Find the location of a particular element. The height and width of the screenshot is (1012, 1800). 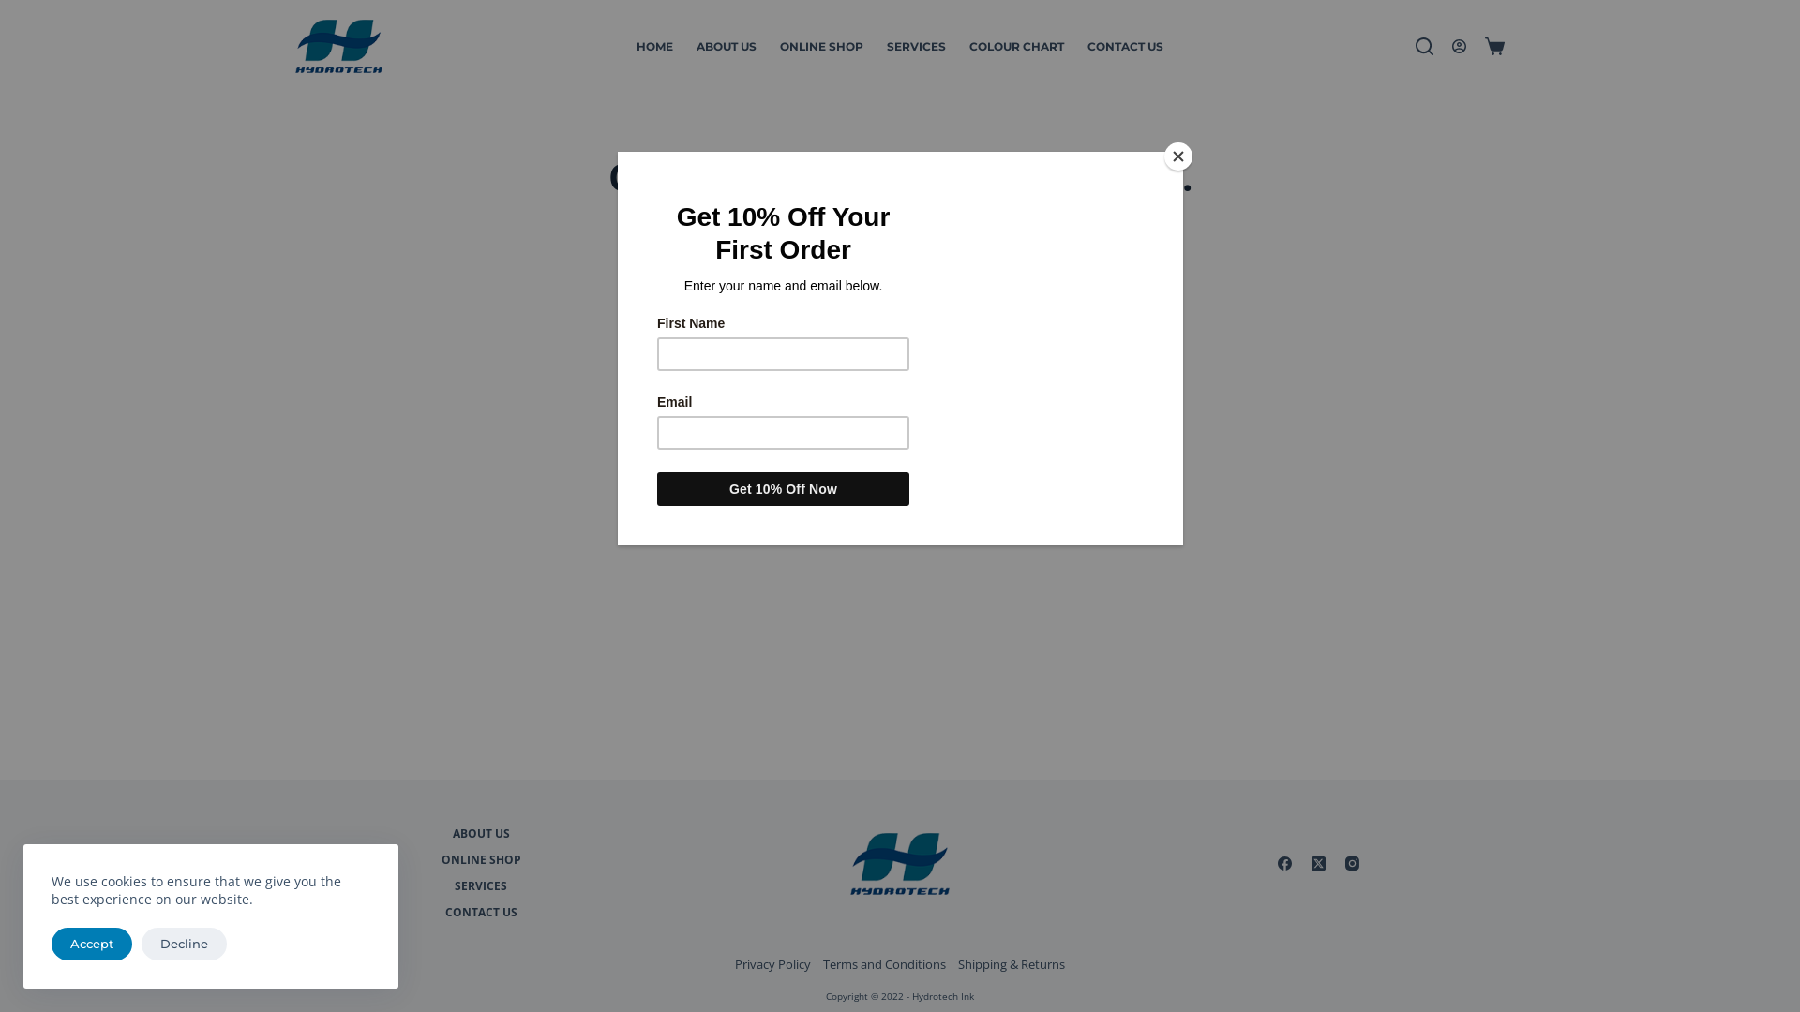

'Search for...' is located at coordinates (900, 299).